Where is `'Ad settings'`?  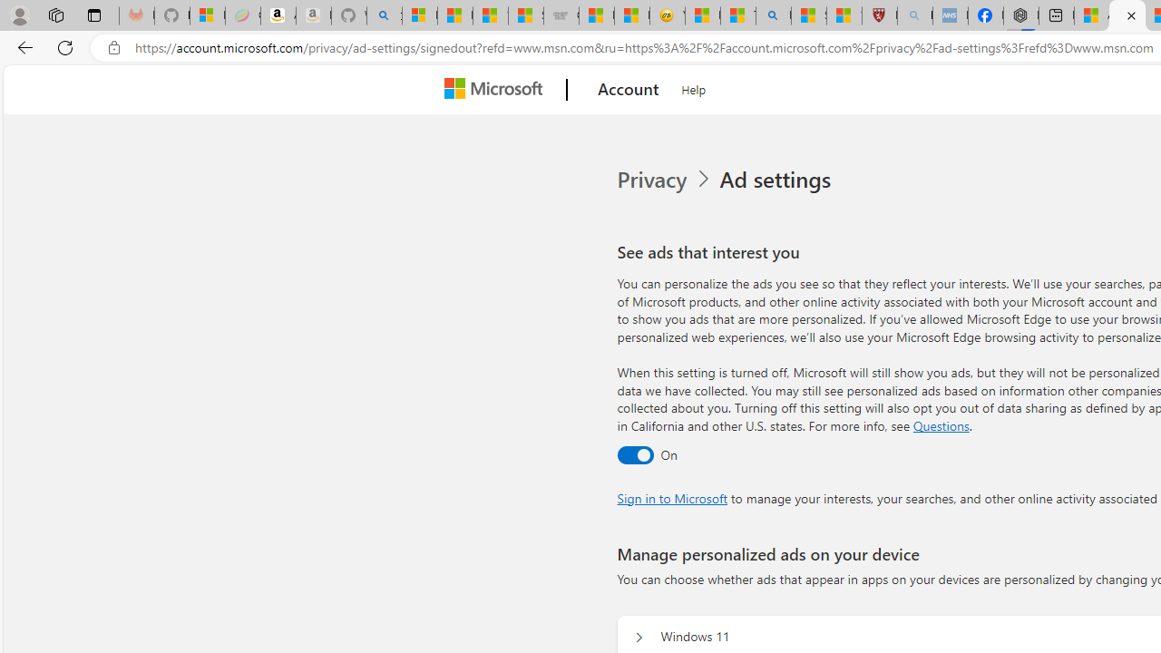 'Ad settings' is located at coordinates (778, 180).